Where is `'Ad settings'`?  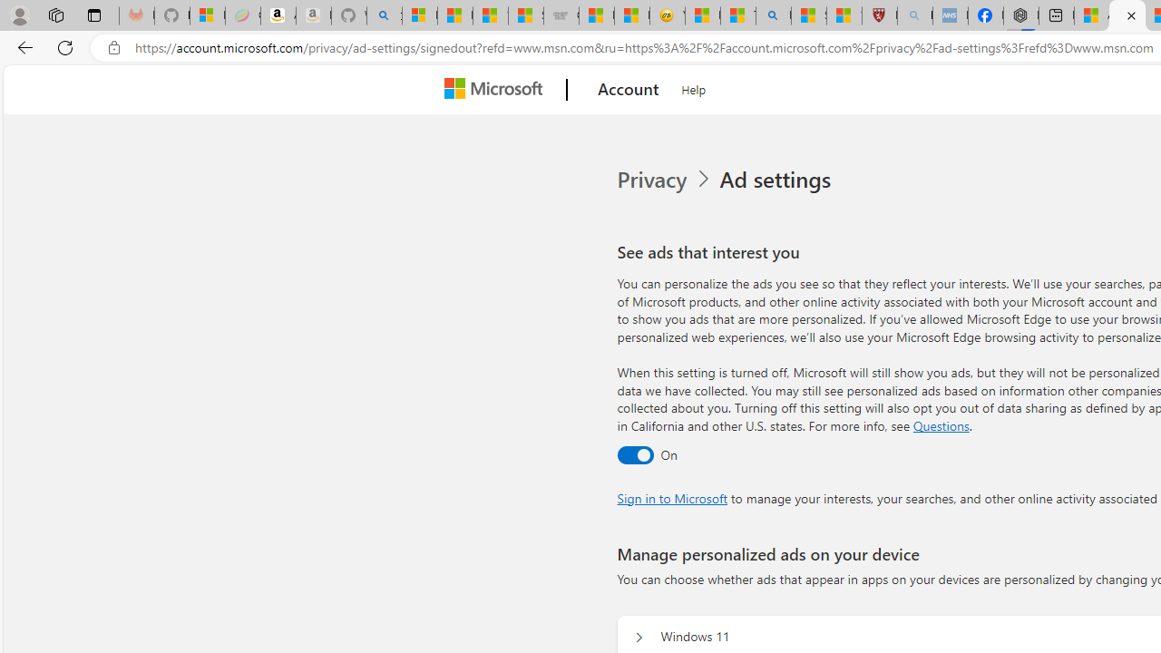 'Ad settings' is located at coordinates (778, 180).